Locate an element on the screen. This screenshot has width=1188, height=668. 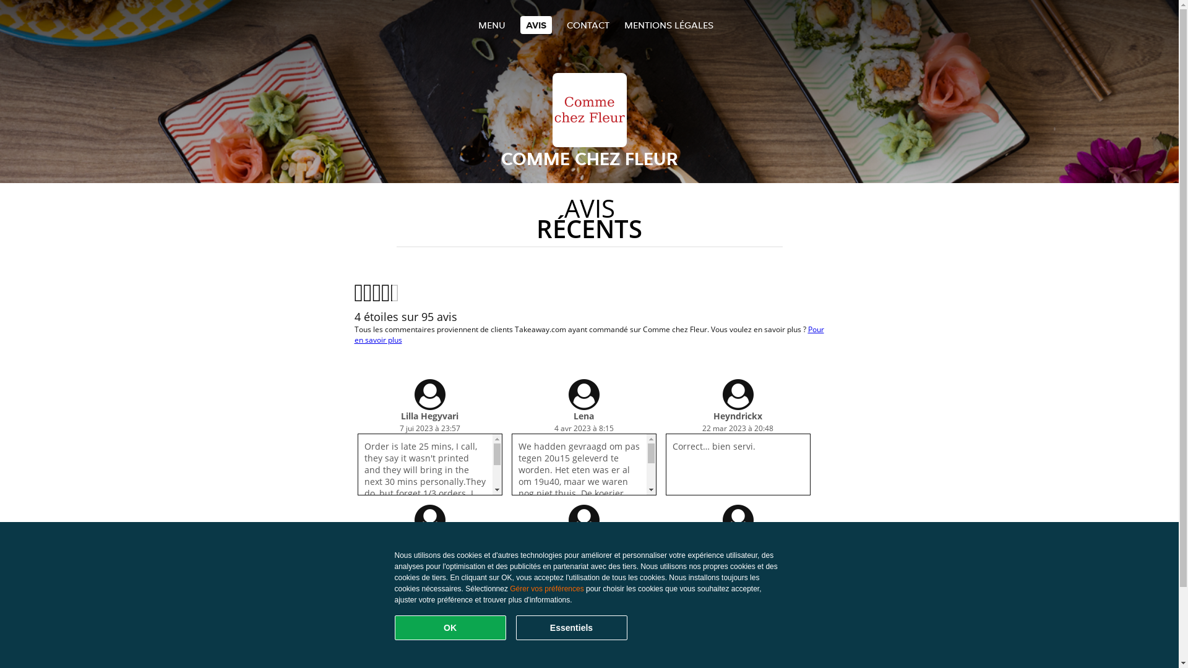
'CONTACT' is located at coordinates (566, 25).